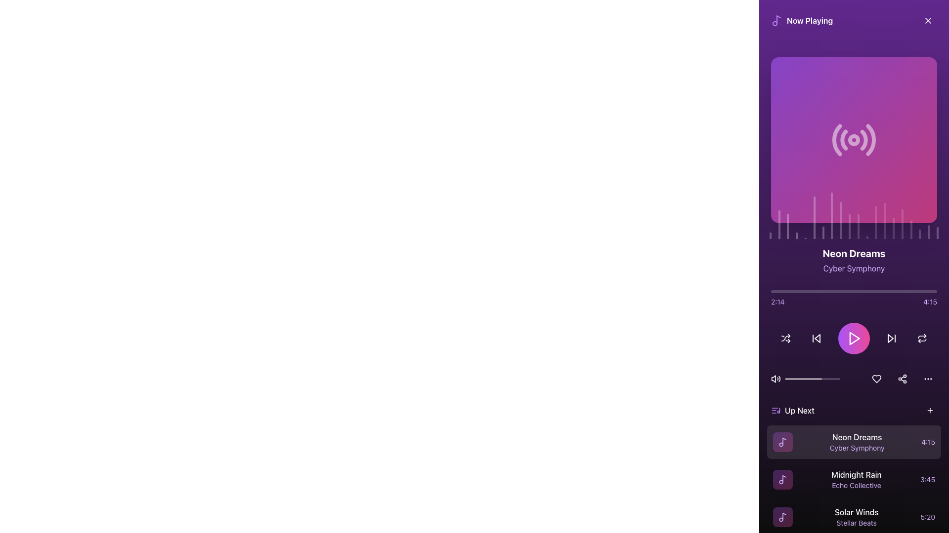  What do you see at coordinates (770, 235) in the screenshot?
I see `the first vertical bar with rounded top corners that has a pulsing animation effect, located at the bottom of the interface among similar bars` at bounding box center [770, 235].